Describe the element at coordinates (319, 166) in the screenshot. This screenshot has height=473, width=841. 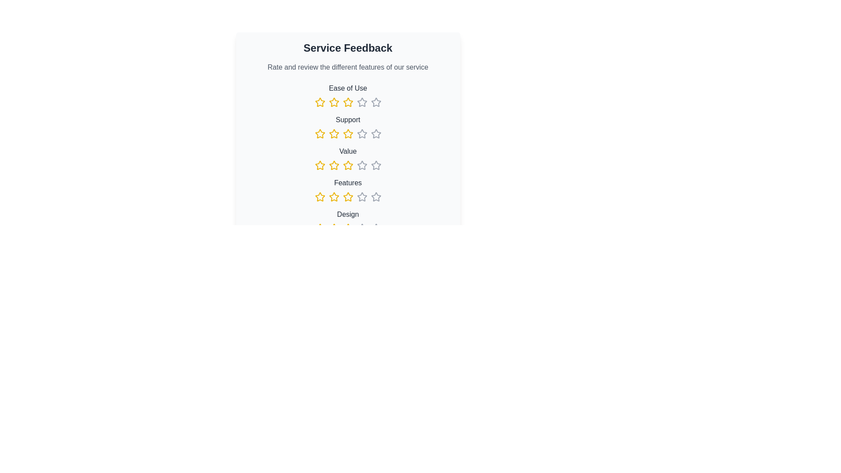
I see `the selected yellow outlined star-shaped Rating icon for 'Service Feedback'` at that location.